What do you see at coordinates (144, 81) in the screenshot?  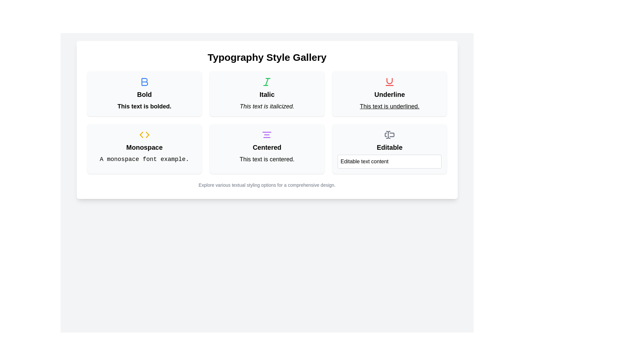 I see `the design of the blue bold 'B' icon located in the top-left cell of the Typography Style Gallery, above the text labeled 'Bold'` at bounding box center [144, 81].